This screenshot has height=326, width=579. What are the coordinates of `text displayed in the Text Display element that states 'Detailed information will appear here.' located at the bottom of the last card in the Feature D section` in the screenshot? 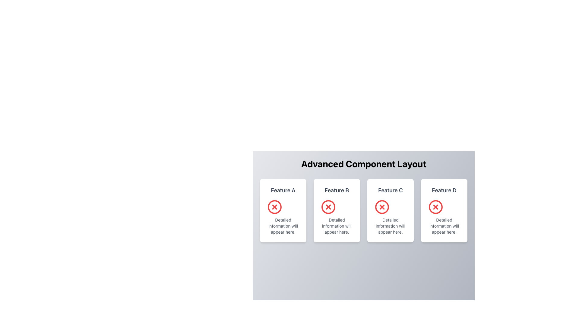 It's located at (444, 226).